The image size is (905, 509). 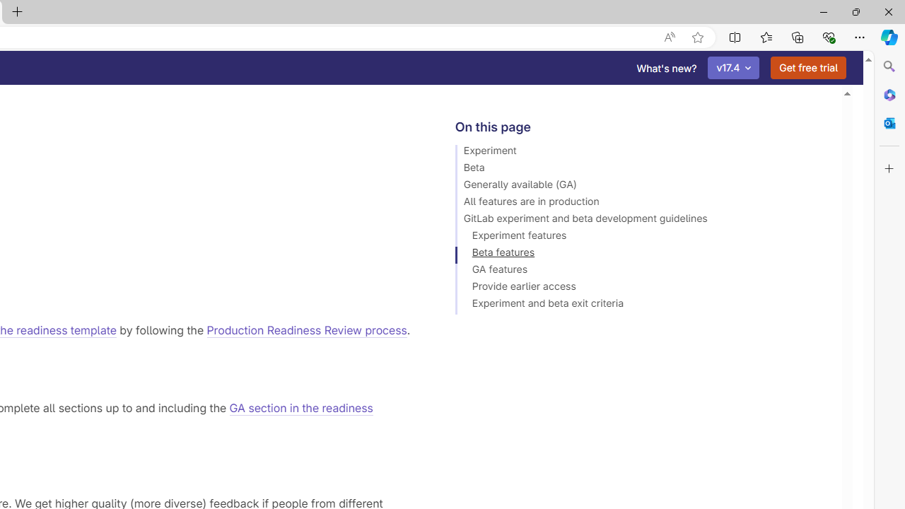 I want to click on 'What', so click(x=666, y=68).